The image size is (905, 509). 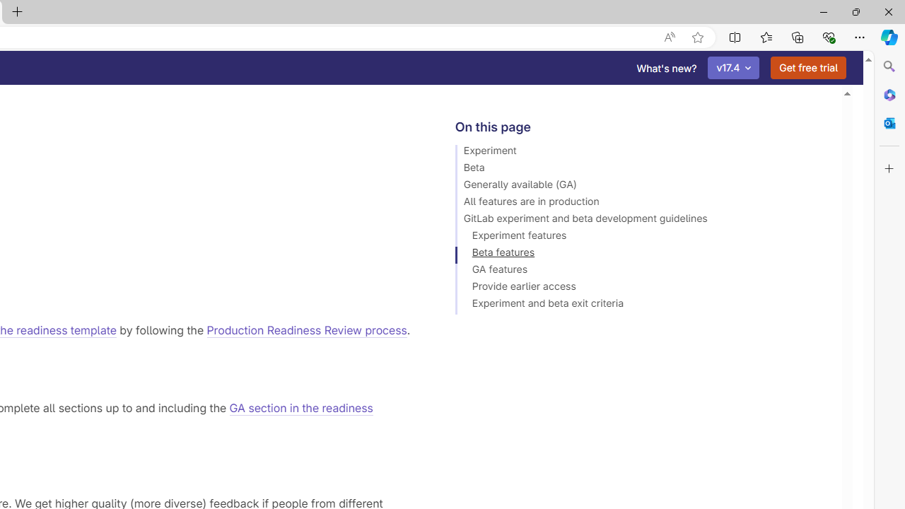 I want to click on 'What', so click(x=666, y=68).